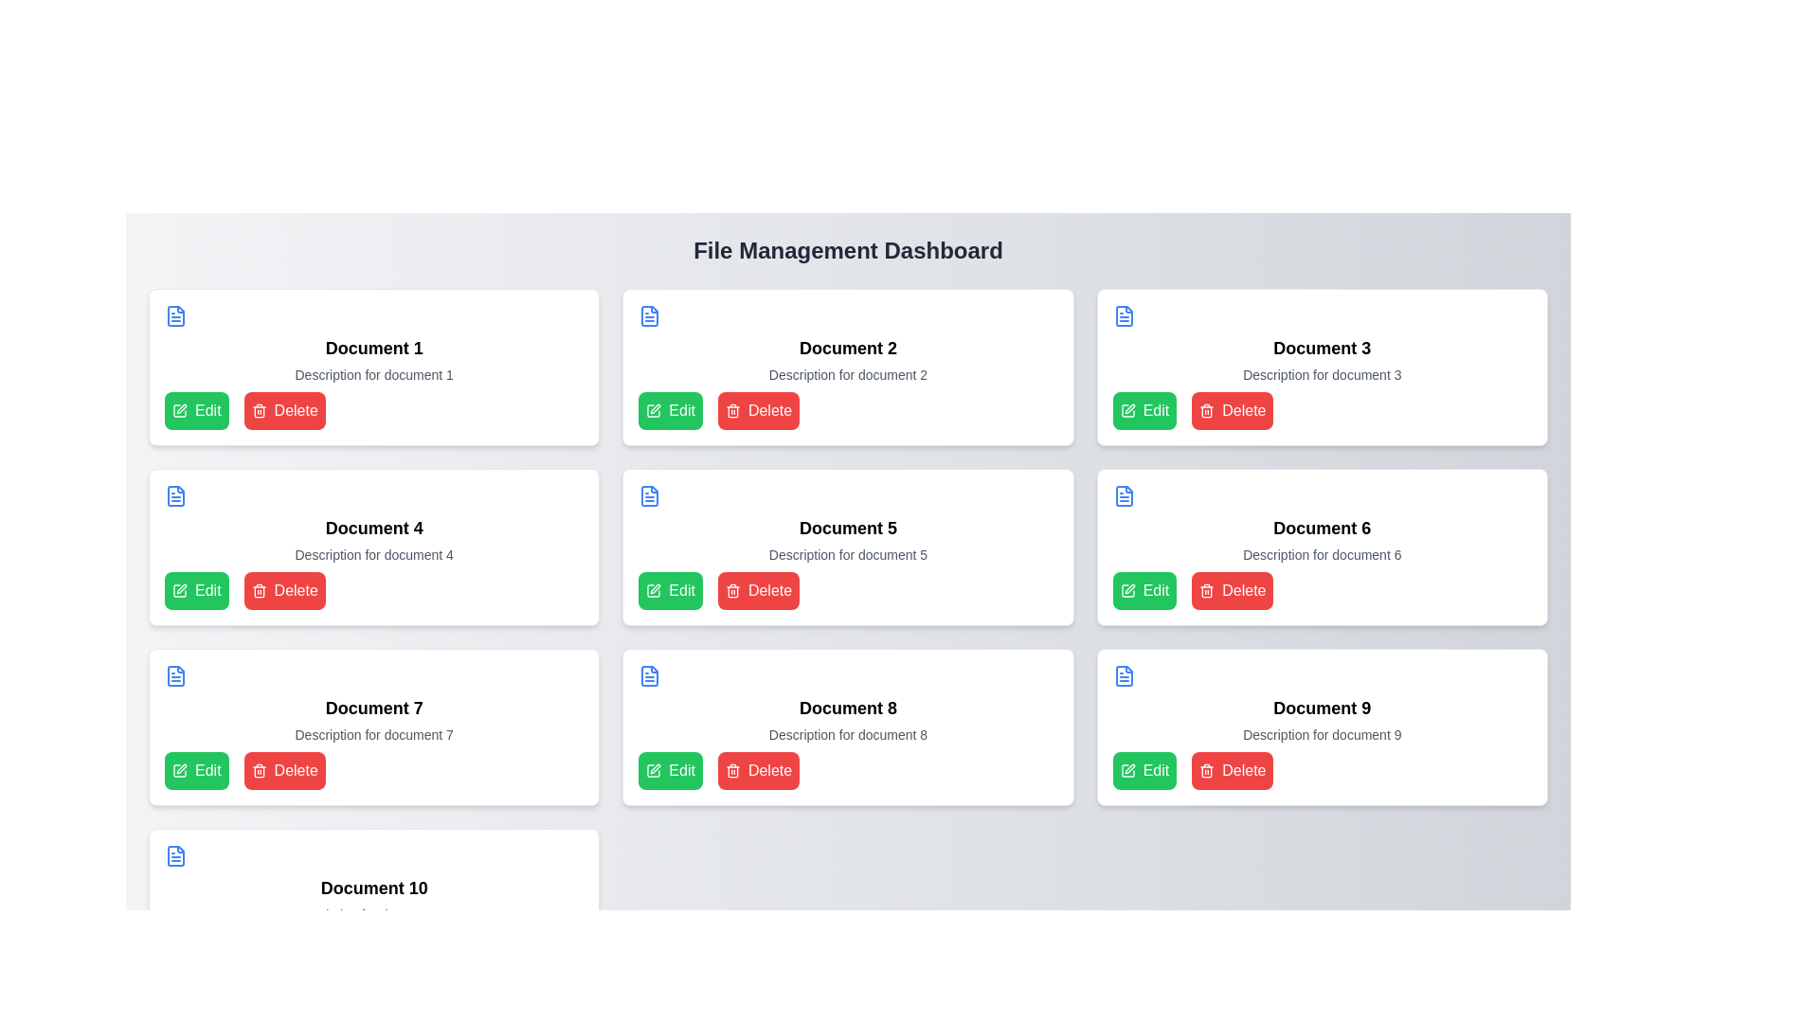  What do you see at coordinates (176, 855) in the screenshot?
I see `the small document icon with a blue border located in the top-left corner of the card for 'Document 10' in the 'File Management Dashboard'` at bounding box center [176, 855].